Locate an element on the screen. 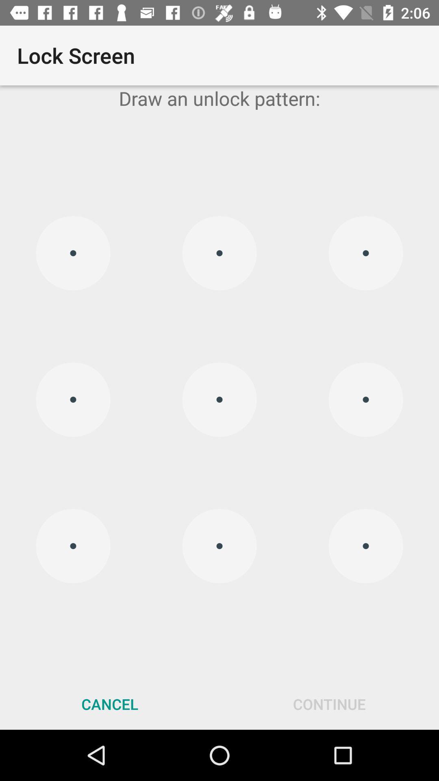 This screenshot has width=439, height=781. the icon to the right of the cancel is located at coordinates (329, 704).